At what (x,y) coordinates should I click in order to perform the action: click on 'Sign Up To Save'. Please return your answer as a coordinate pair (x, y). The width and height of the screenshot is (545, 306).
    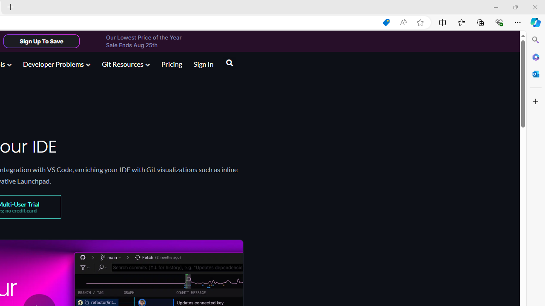
    Looking at the image, I should click on (41, 41).